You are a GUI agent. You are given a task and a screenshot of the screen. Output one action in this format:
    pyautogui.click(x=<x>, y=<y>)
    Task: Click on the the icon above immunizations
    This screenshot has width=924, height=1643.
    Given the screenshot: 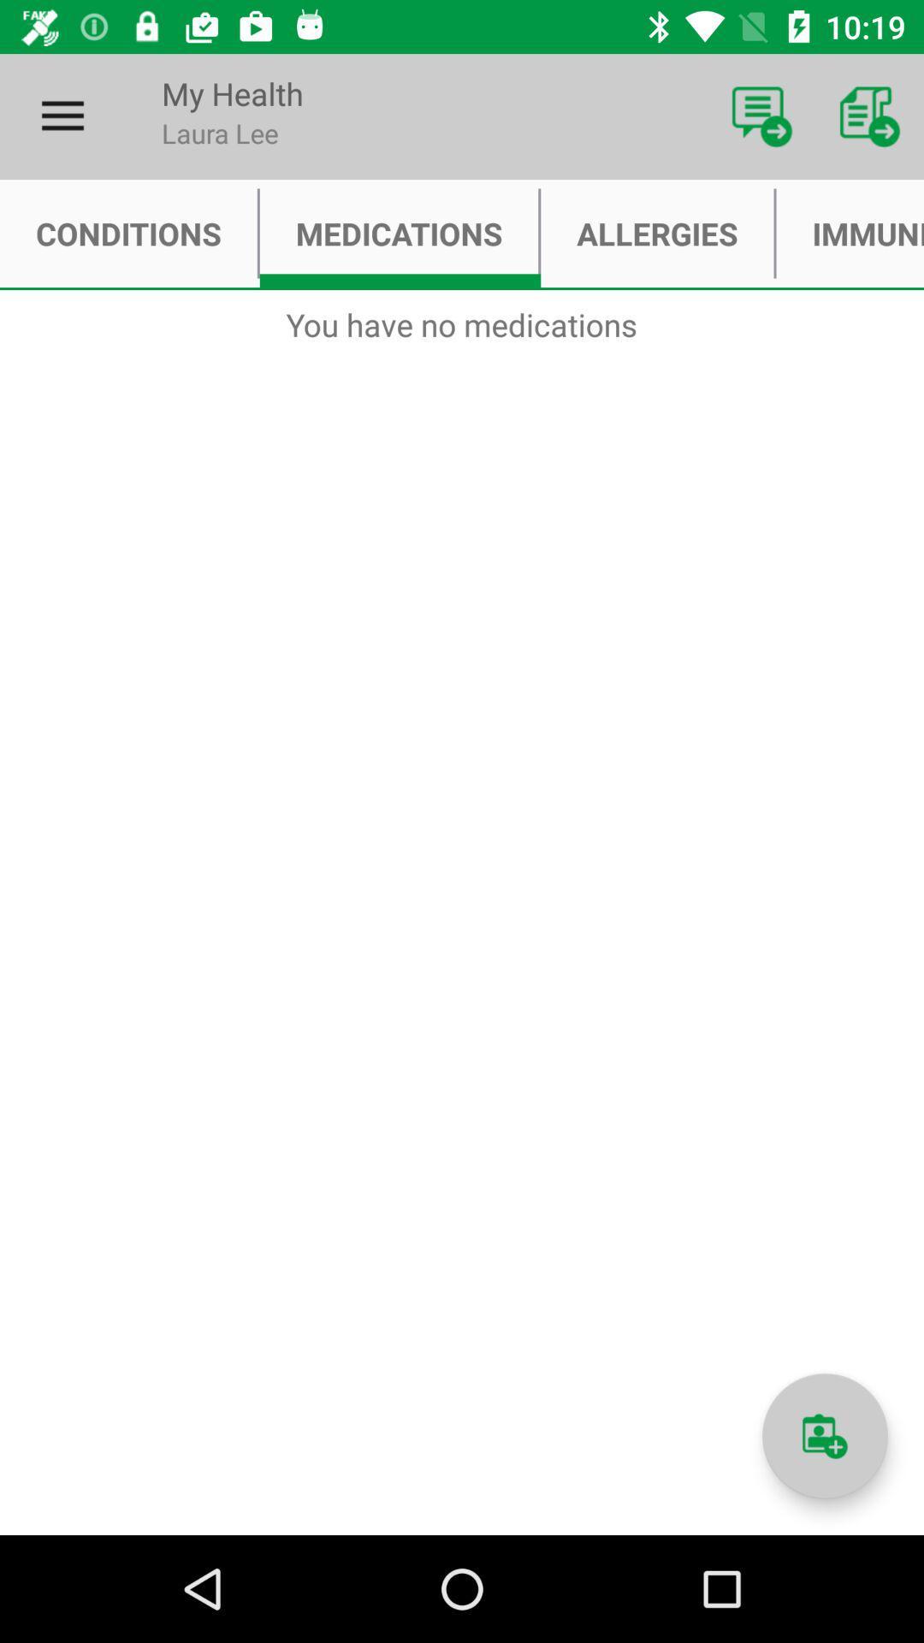 What is the action you would take?
    pyautogui.click(x=870, y=116)
    